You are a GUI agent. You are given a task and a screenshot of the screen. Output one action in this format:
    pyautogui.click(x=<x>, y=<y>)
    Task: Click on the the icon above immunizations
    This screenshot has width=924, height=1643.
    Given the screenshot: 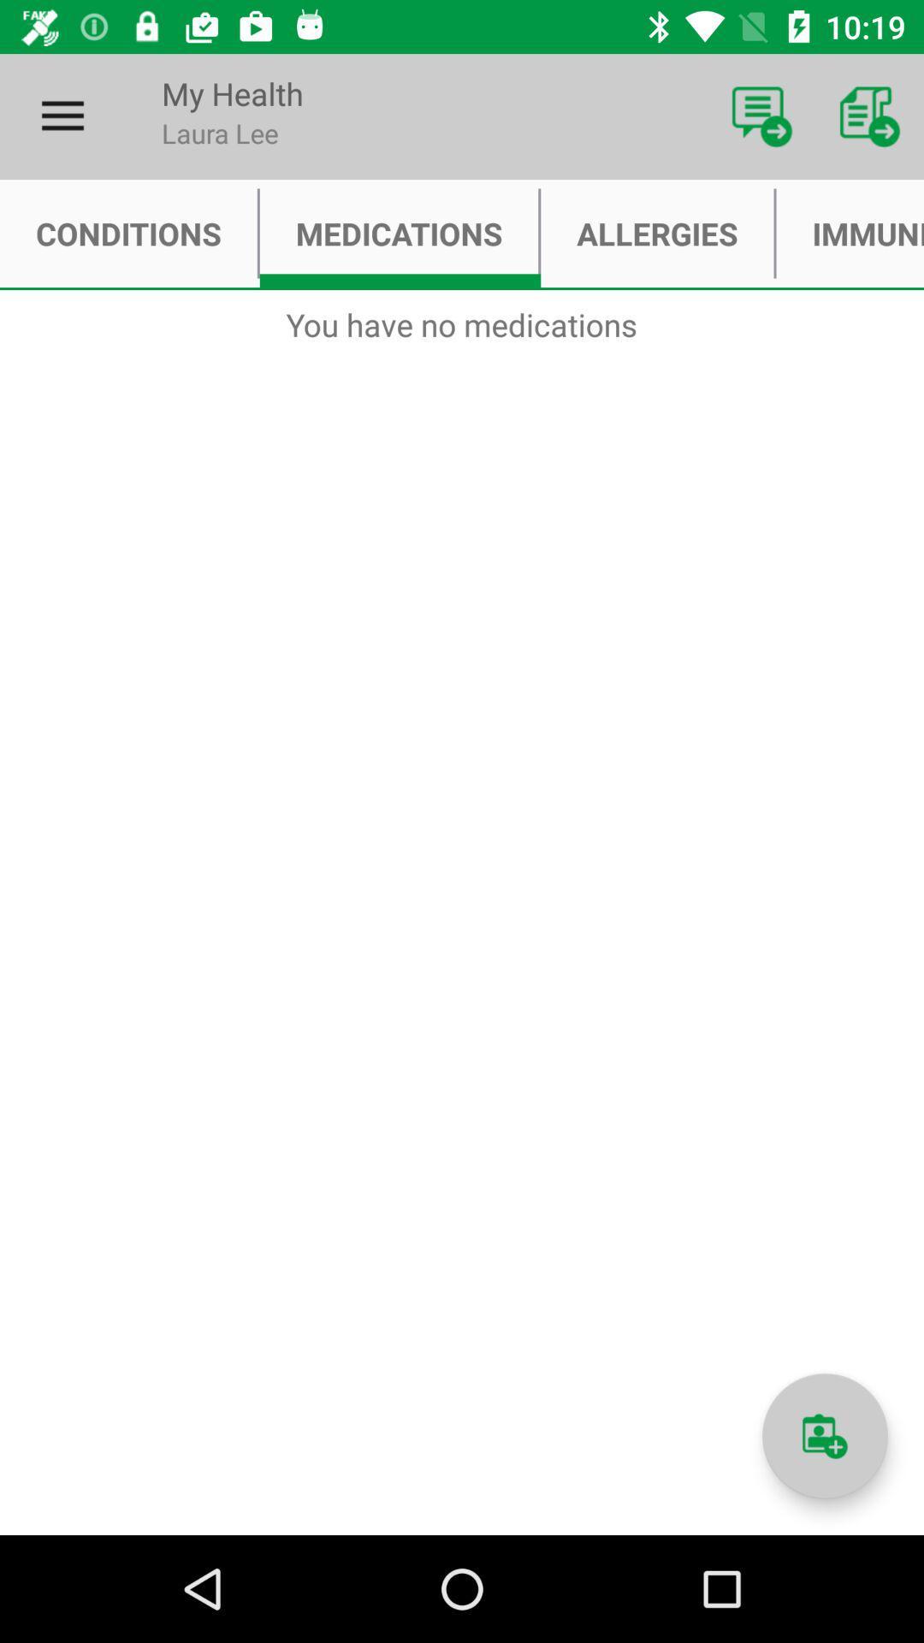 What is the action you would take?
    pyautogui.click(x=870, y=116)
    